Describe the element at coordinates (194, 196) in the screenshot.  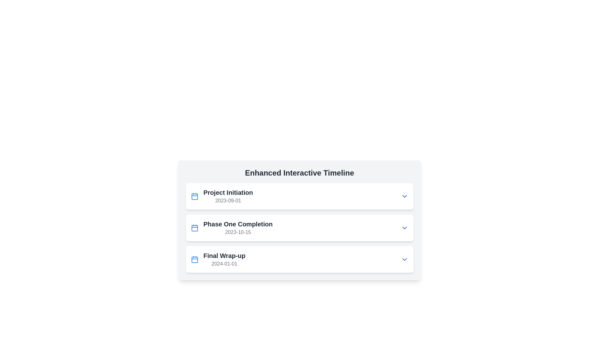
I see `the blue calendar icon located in the first row of the interactive timeline, next to the text 'Project Initiation' and the date '2023-09-01'` at that location.